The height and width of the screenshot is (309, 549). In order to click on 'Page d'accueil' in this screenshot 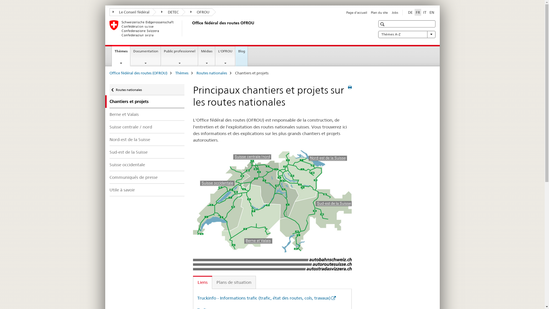, I will do `click(346, 12)`.